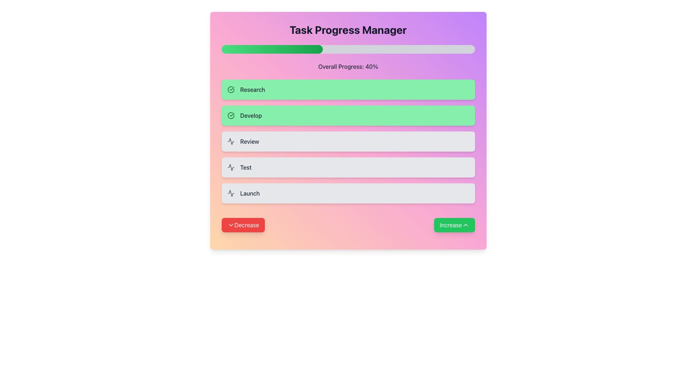 Image resolution: width=691 pixels, height=389 pixels. I want to click on the 'Launch' list item, so click(348, 193).